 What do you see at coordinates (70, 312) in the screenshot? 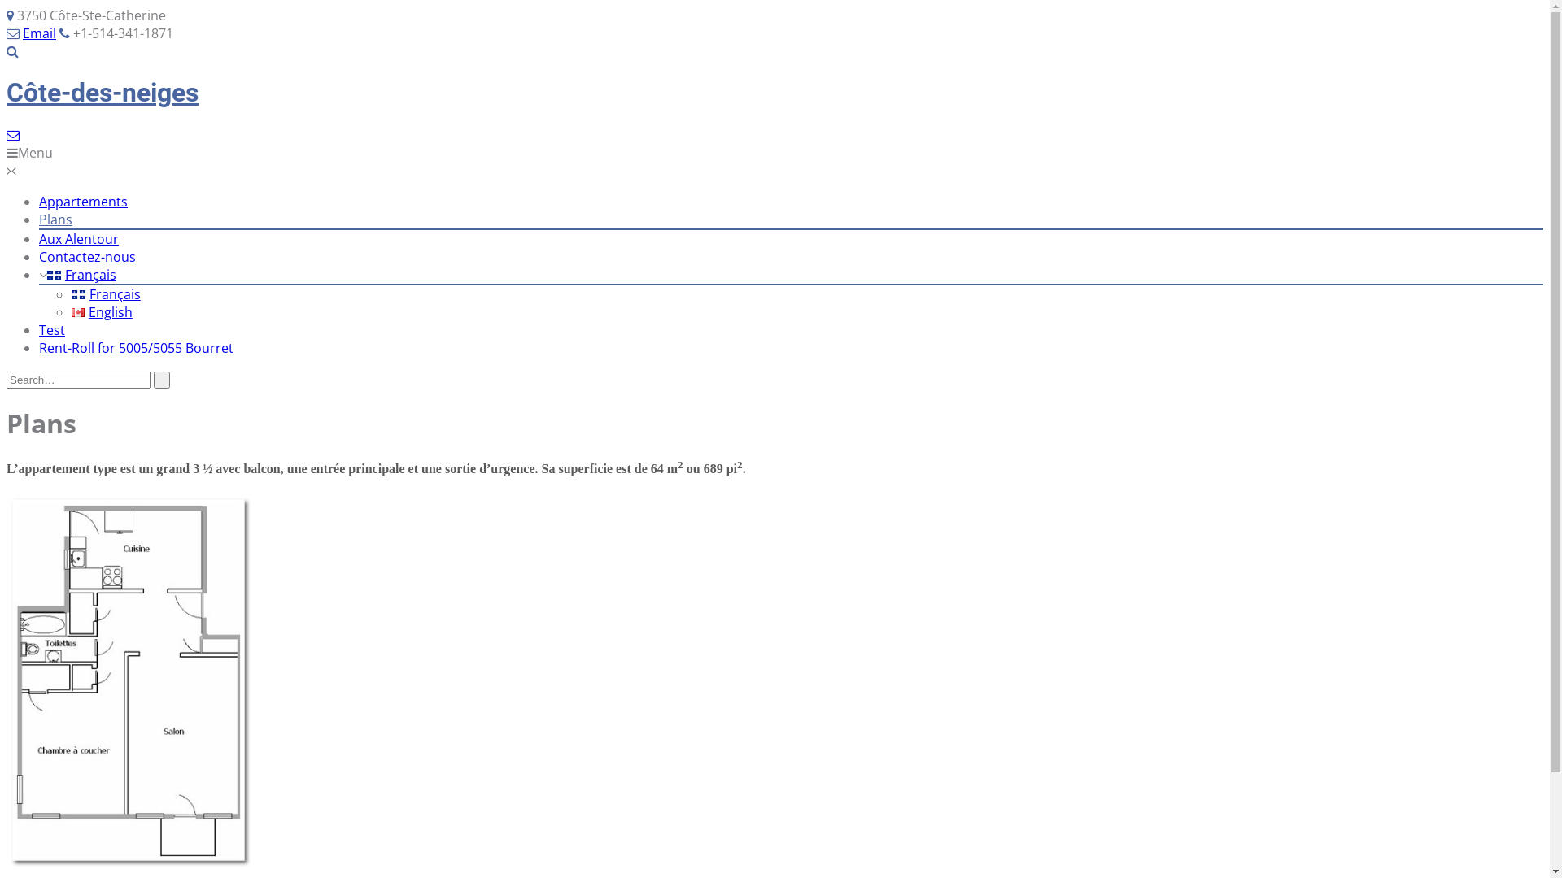
I see `'English'` at bounding box center [70, 312].